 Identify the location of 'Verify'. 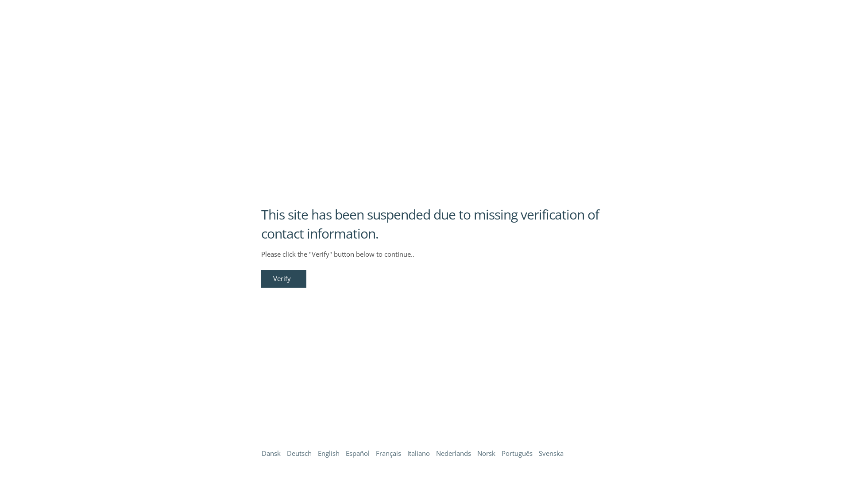
(284, 278).